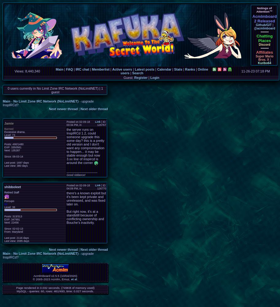 This screenshot has width=280, height=307. What do you see at coordinates (100, 69) in the screenshot?
I see `'Memberlist'` at bounding box center [100, 69].